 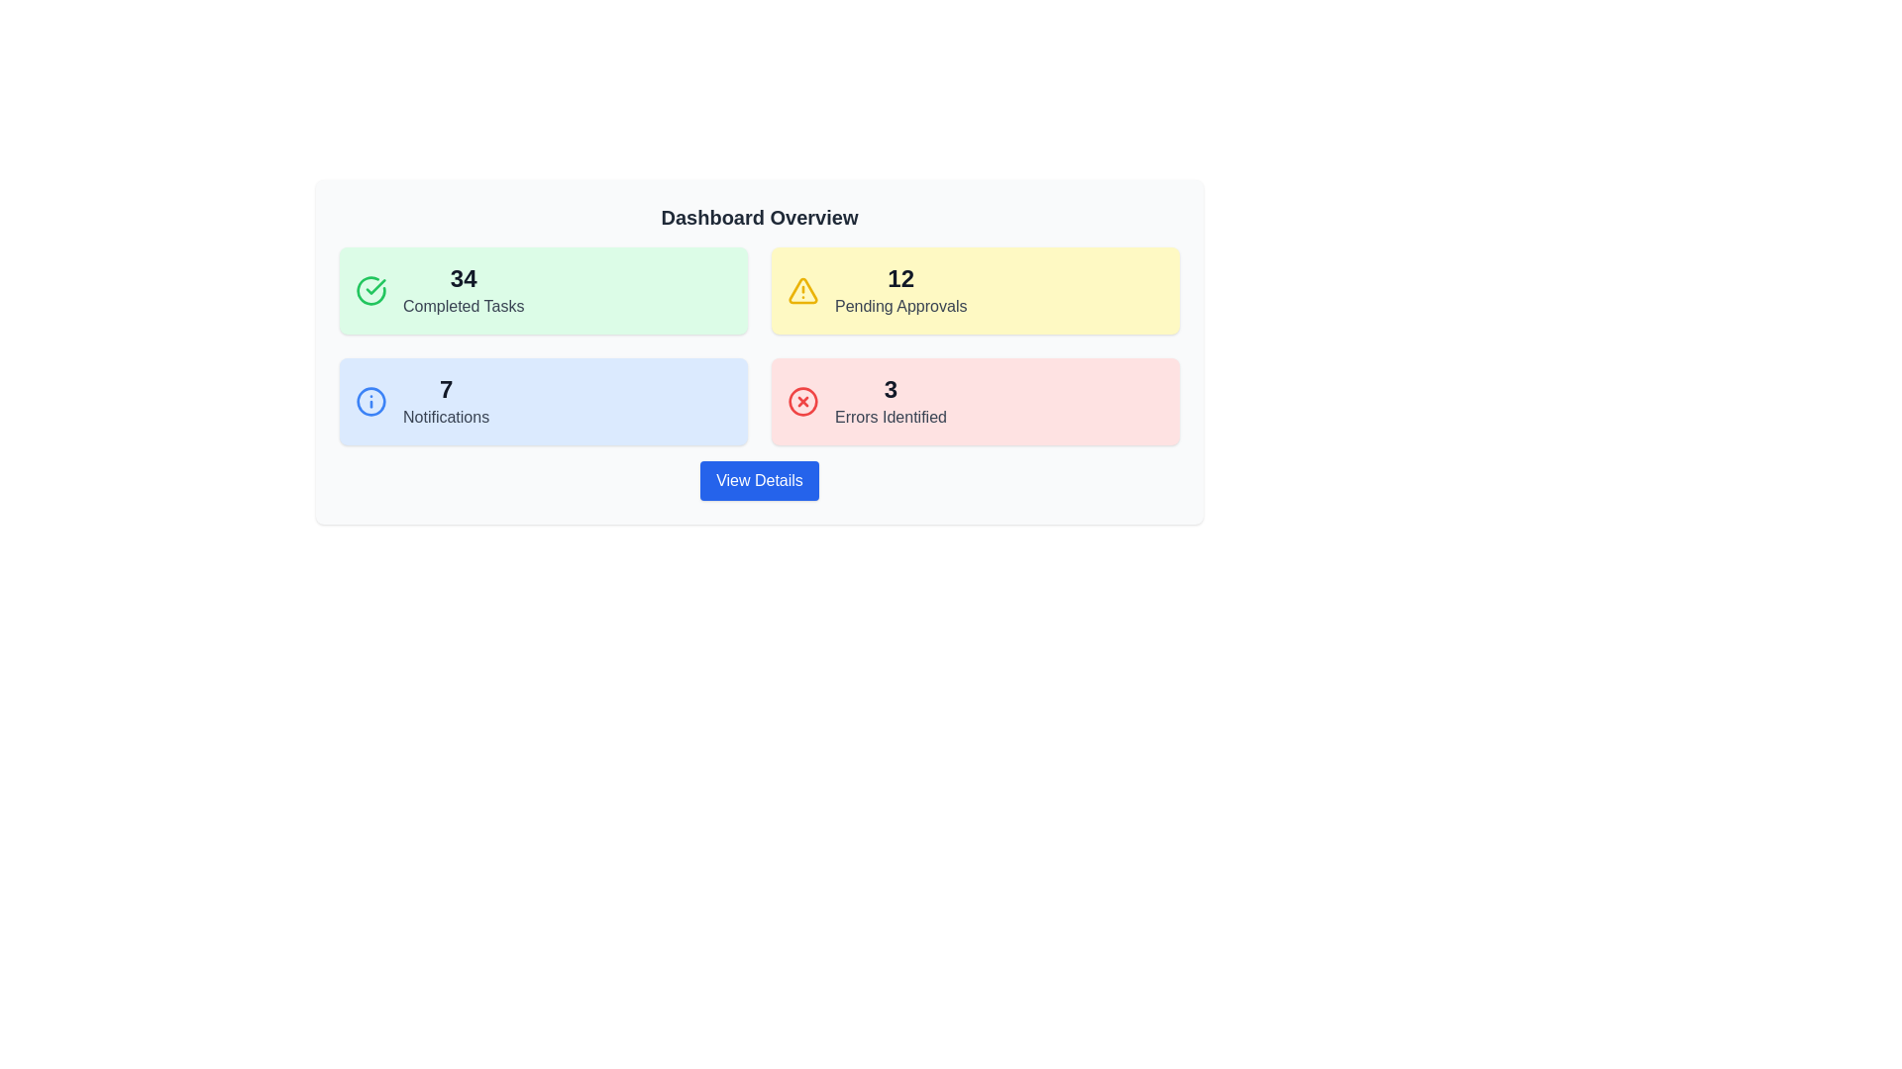 I want to click on the Text Label that provides descriptive information about the count of errors identified, located below the number '3' within a red-colored box on the bottom-right side of the dashboard summary section, so click(x=890, y=416).